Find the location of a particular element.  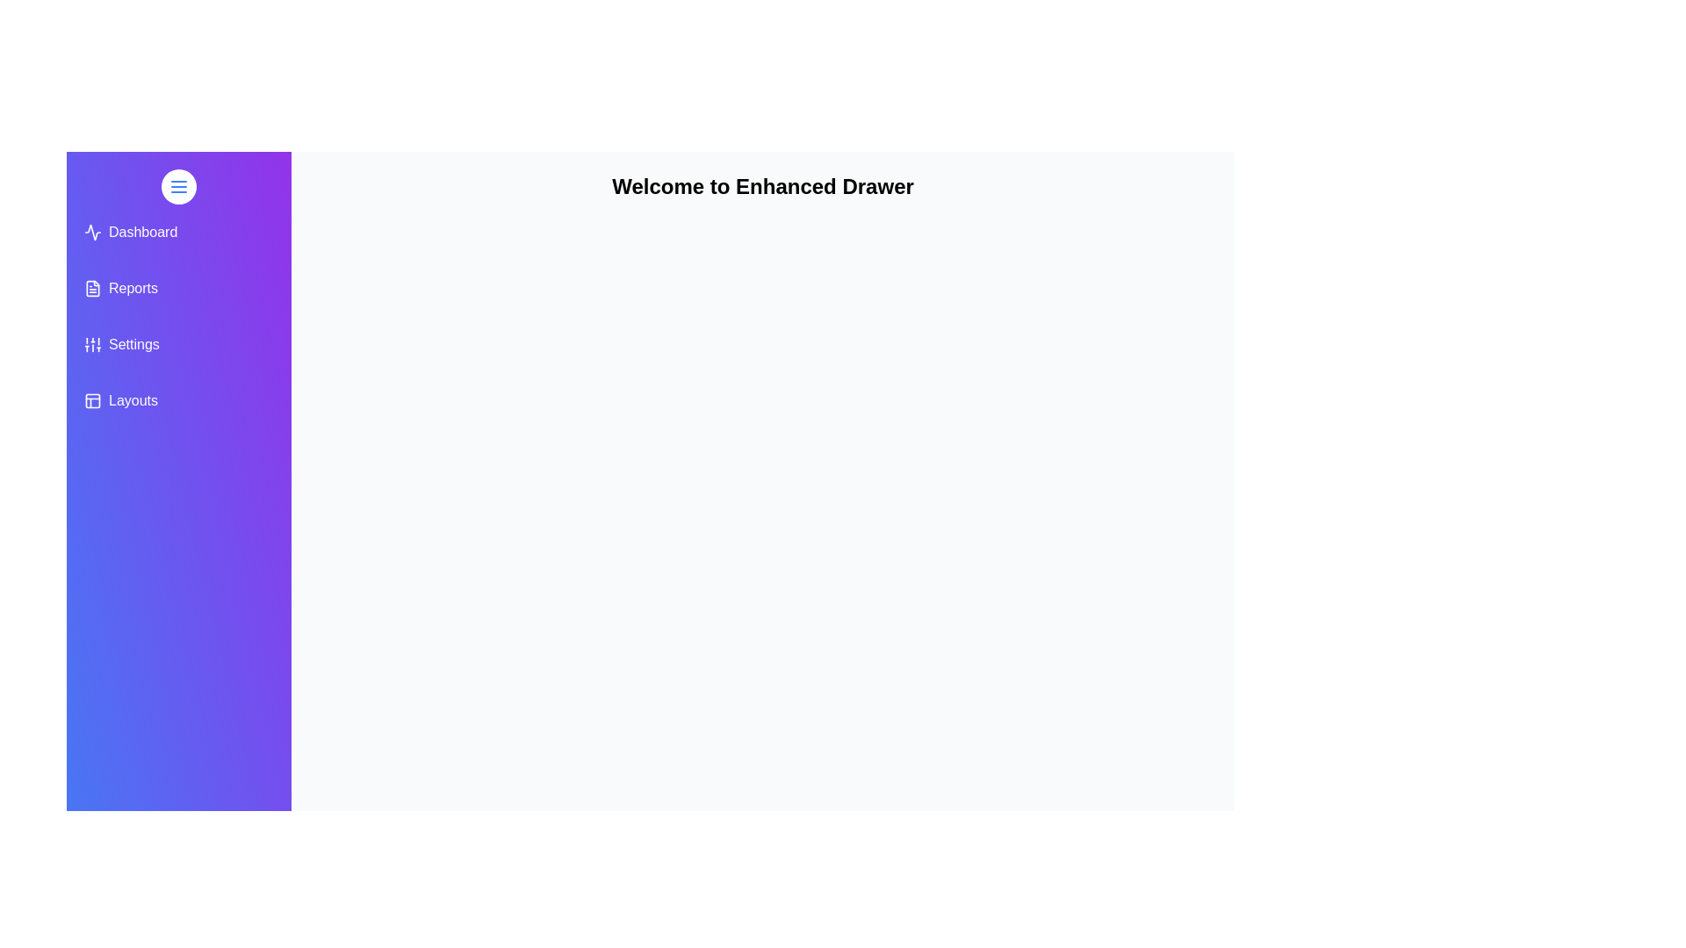

the main content area labeled 'Welcome to Enhanced Drawer' to interact with it is located at coordinates (762, 625).